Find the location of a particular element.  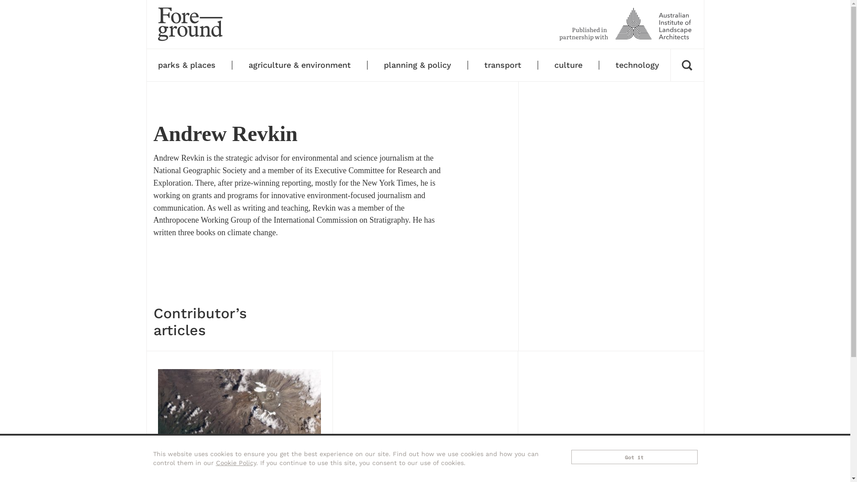

'culture' is located at coordinates (568, 65).